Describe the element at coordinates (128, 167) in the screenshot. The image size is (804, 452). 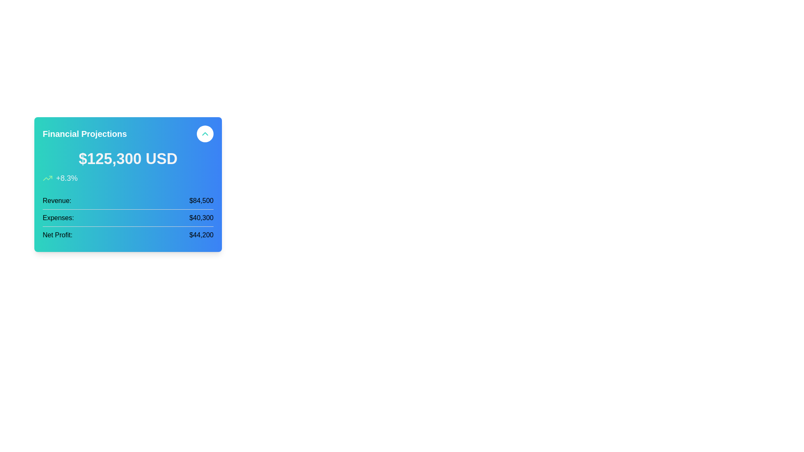
I see `the text display showing '$125,300 USD +8.3%' located below the title 'Financial Projections' in the financial summary card` at that location.